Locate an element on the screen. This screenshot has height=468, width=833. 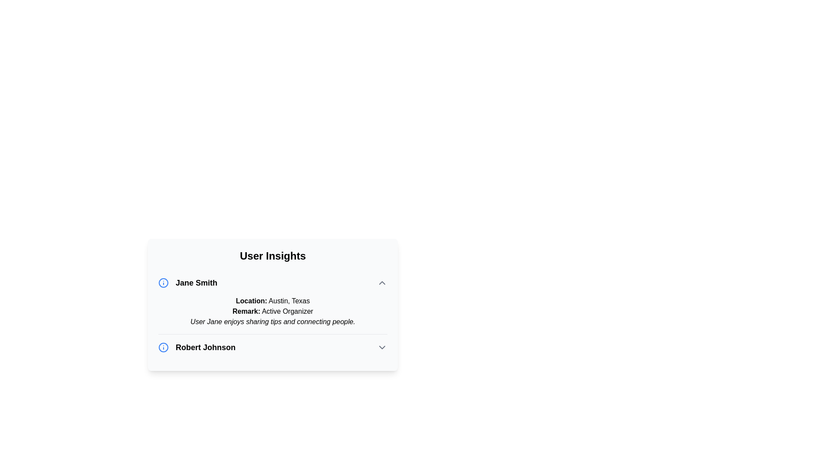
the user profile card displaying details for 'Jane Smith', located in the 'User Insights' section is located at coordinates (272, 302).